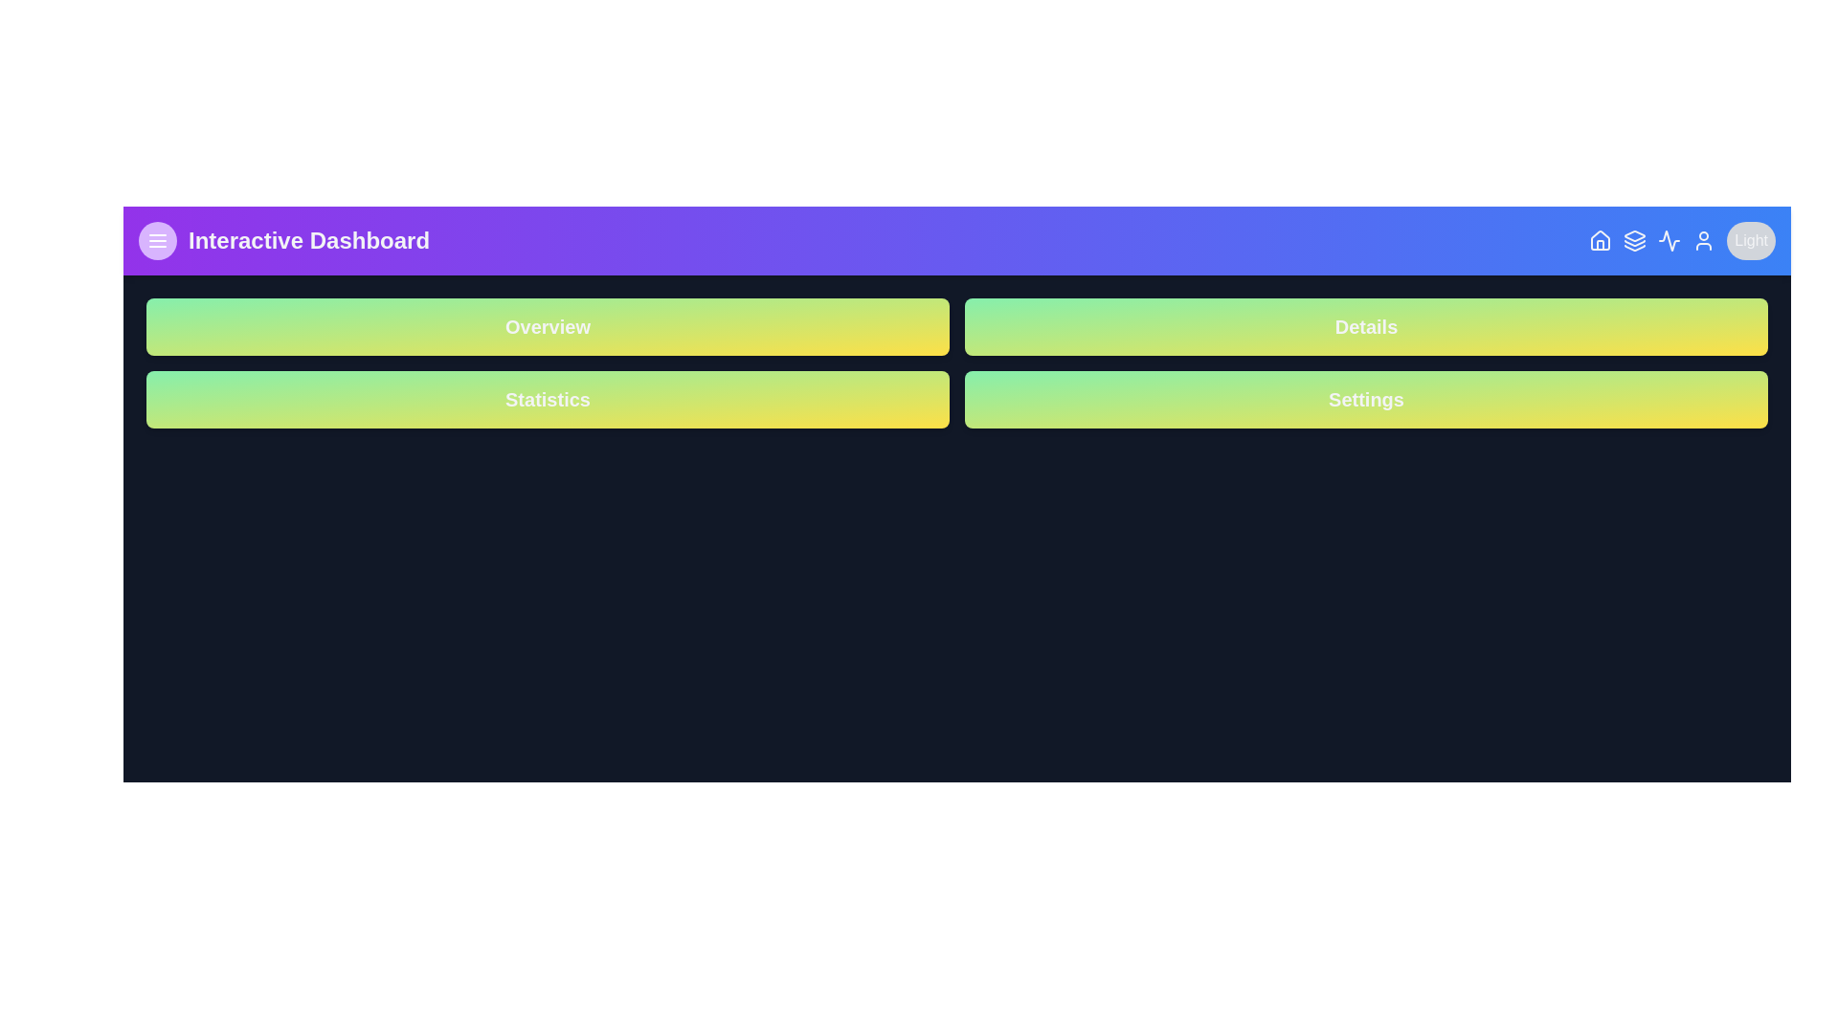  I want to click on the Activity icon in the header, so click(1669, 239).